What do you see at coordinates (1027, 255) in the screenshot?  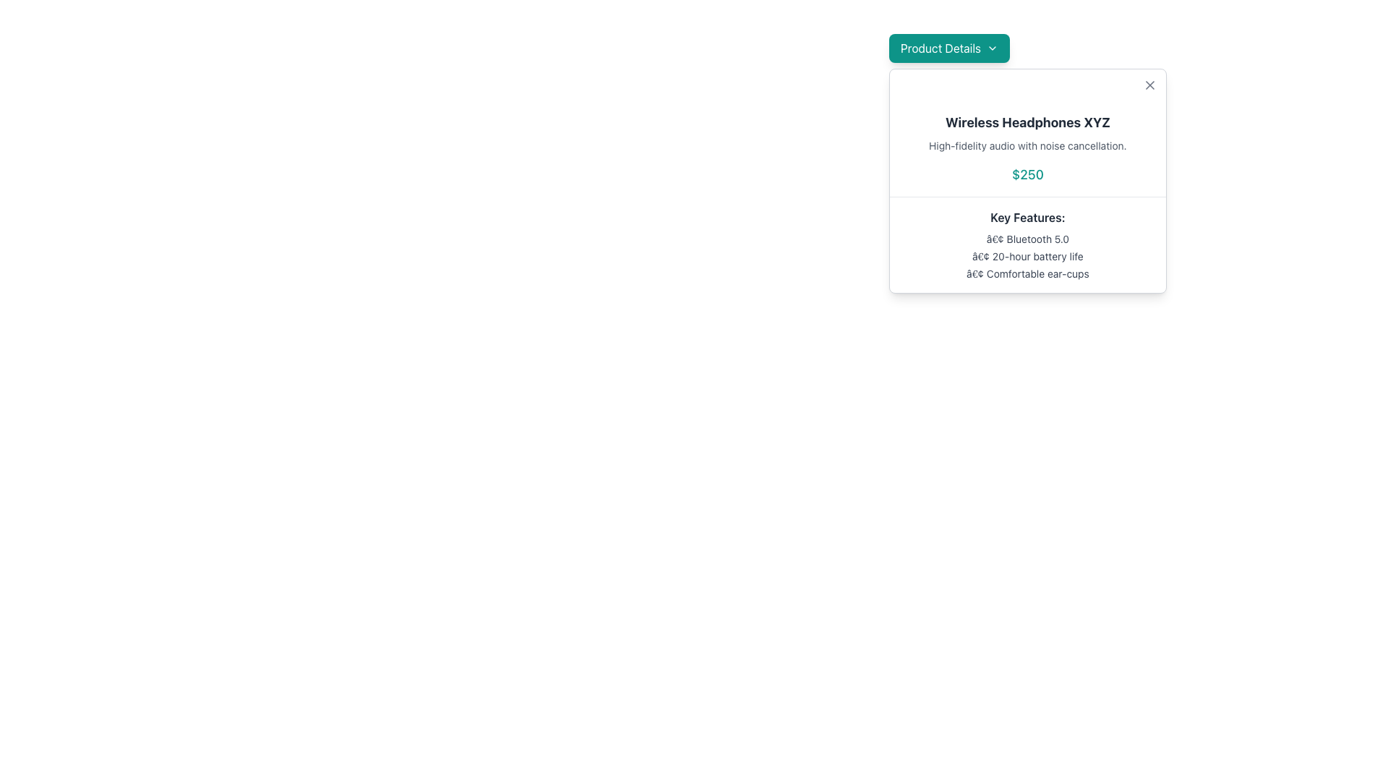 I see `the text label displaying '• 20-hour battery life', which is the second item in a bulleted list located within a modal or card component` at bounding box center [1027, 255].